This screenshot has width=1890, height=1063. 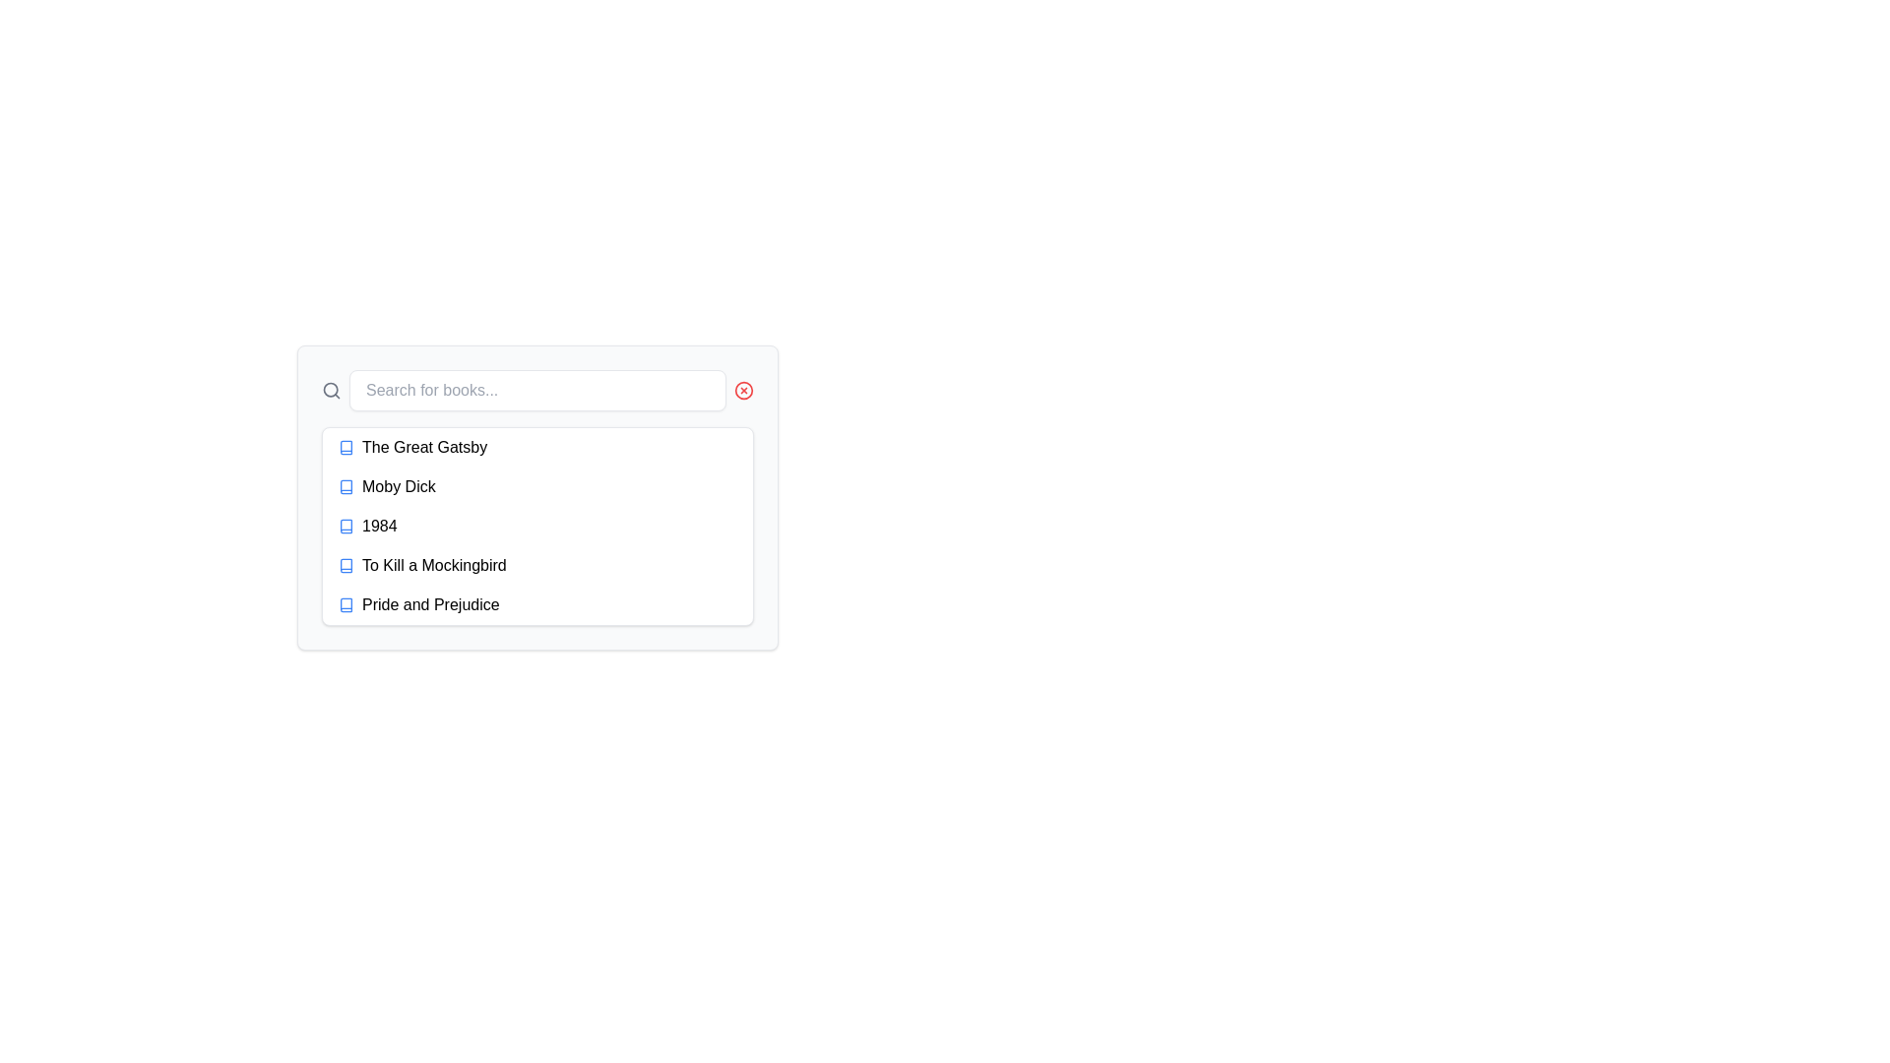 I want to click on the clear button located in the top-right corner of the search input box to clear the entered text, so click(x=742, y=391).